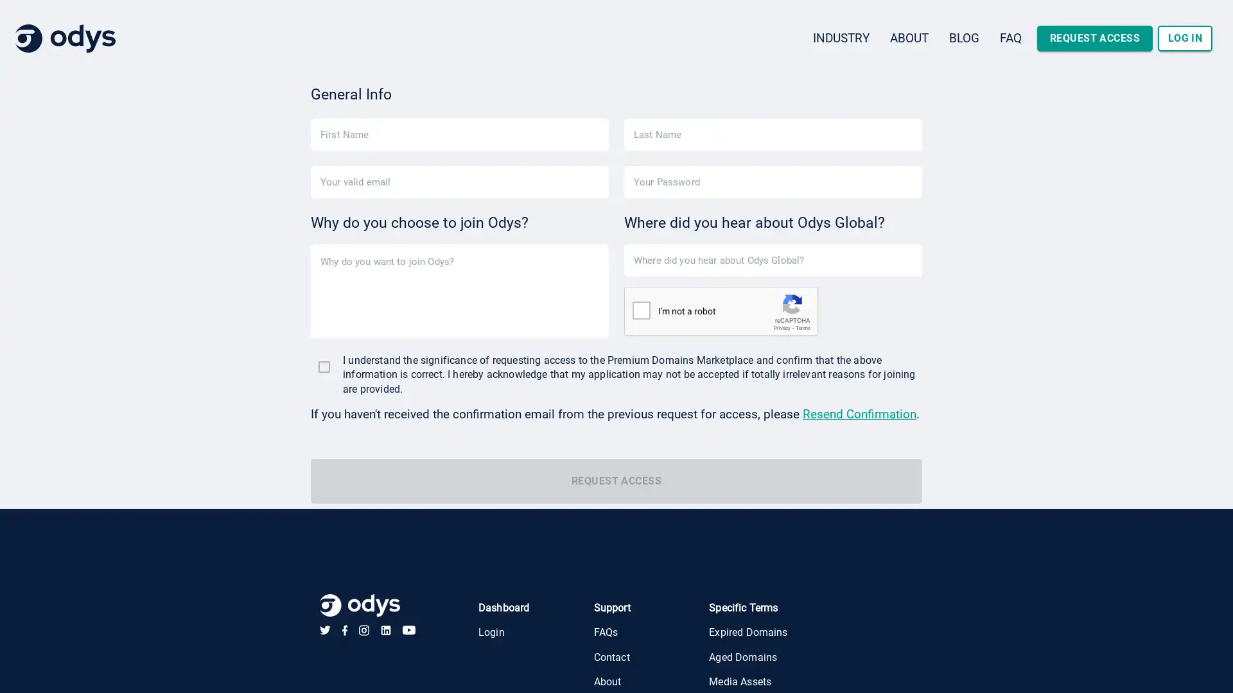 Image resolution: width=1233 pixels, height=693 pixels. I want to click on REQUEST ACCESS, so click(616, 481).